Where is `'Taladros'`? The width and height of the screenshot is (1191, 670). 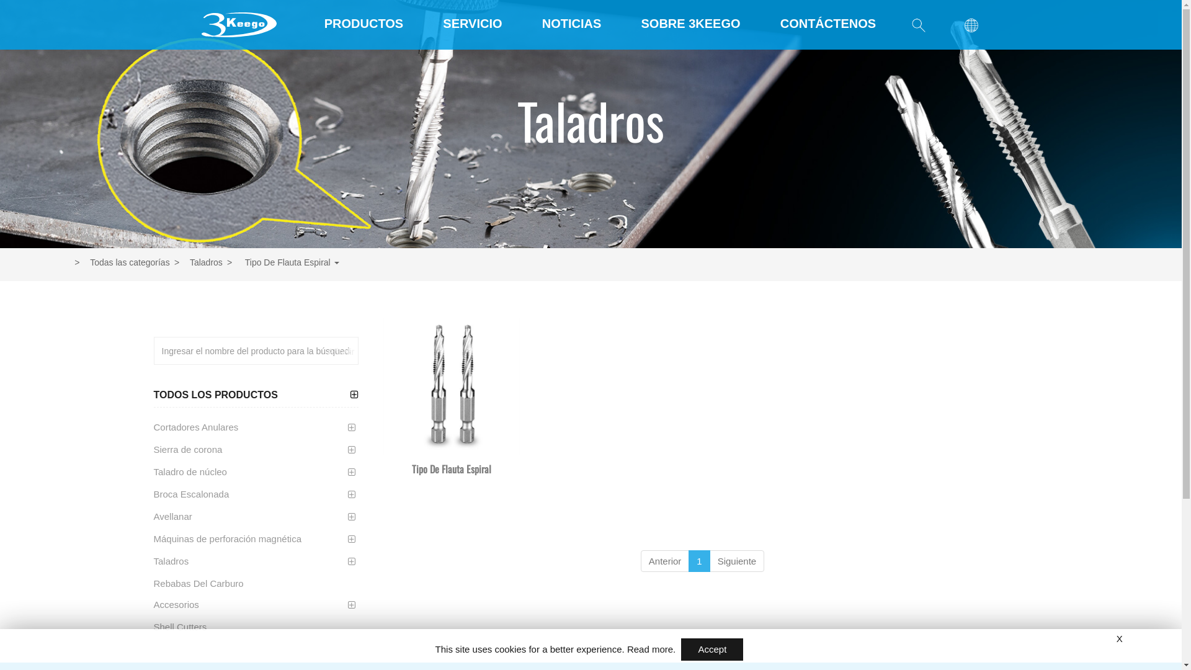
'Taladros' is located at coordinates (196, 262).